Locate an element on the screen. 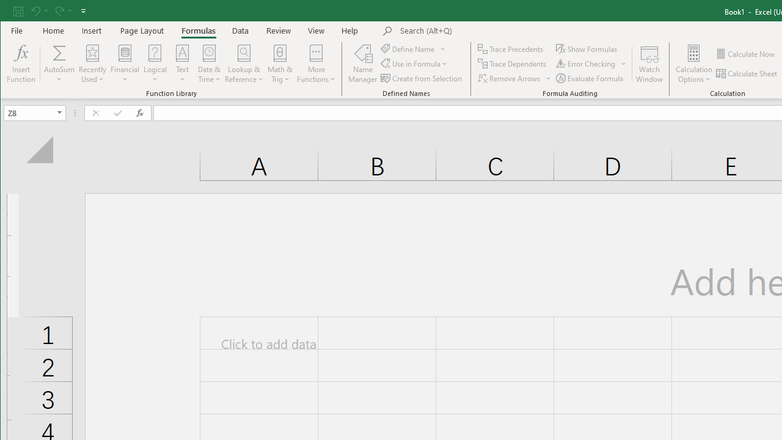  'Lookup & Reference' is located at coordinates (244, 64).